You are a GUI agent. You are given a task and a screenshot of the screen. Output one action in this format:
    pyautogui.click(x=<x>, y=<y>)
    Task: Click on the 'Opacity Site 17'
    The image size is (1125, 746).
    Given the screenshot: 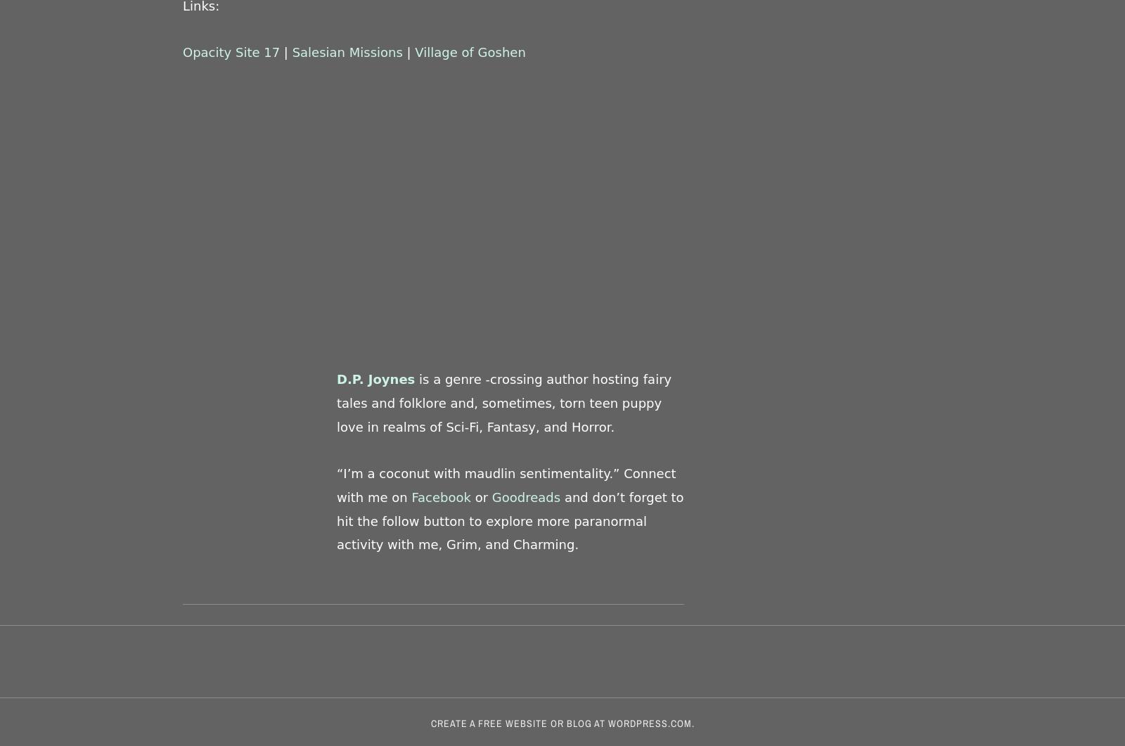 What is the action you would take?
    pyautogui.click(x=231, y=52)
    